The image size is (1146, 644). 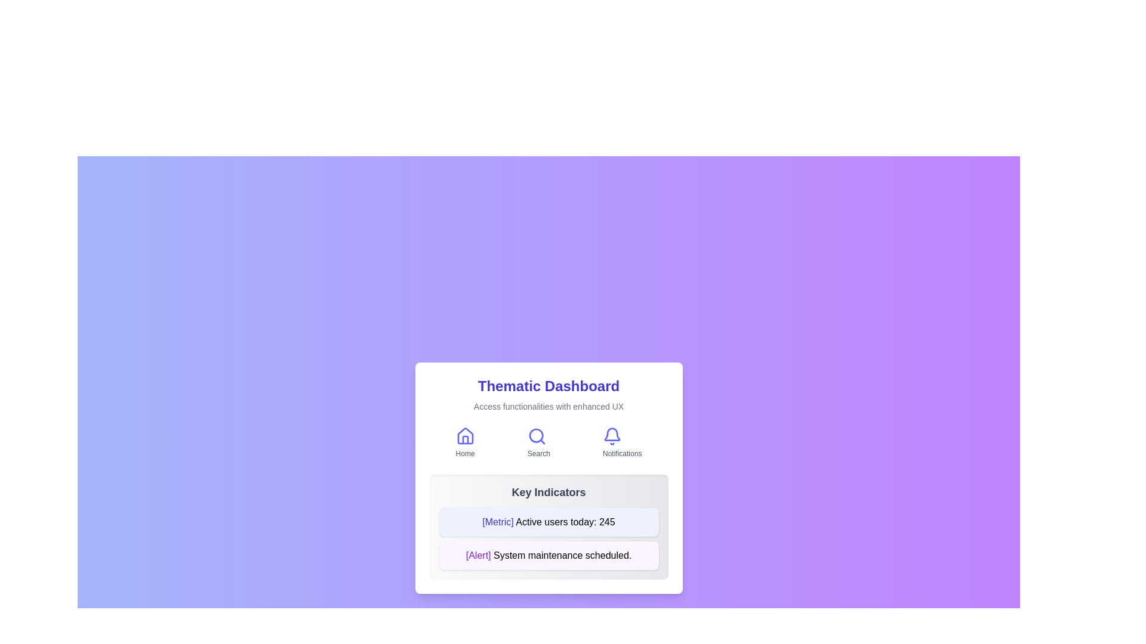 What do you see at coordinates (536, 436) in the screenshot?
I see `the magnifying glass icon in purple-indigo color to initiate search, located in the center among other icons and labeled 'Search'` at bounding box center [536, 436].